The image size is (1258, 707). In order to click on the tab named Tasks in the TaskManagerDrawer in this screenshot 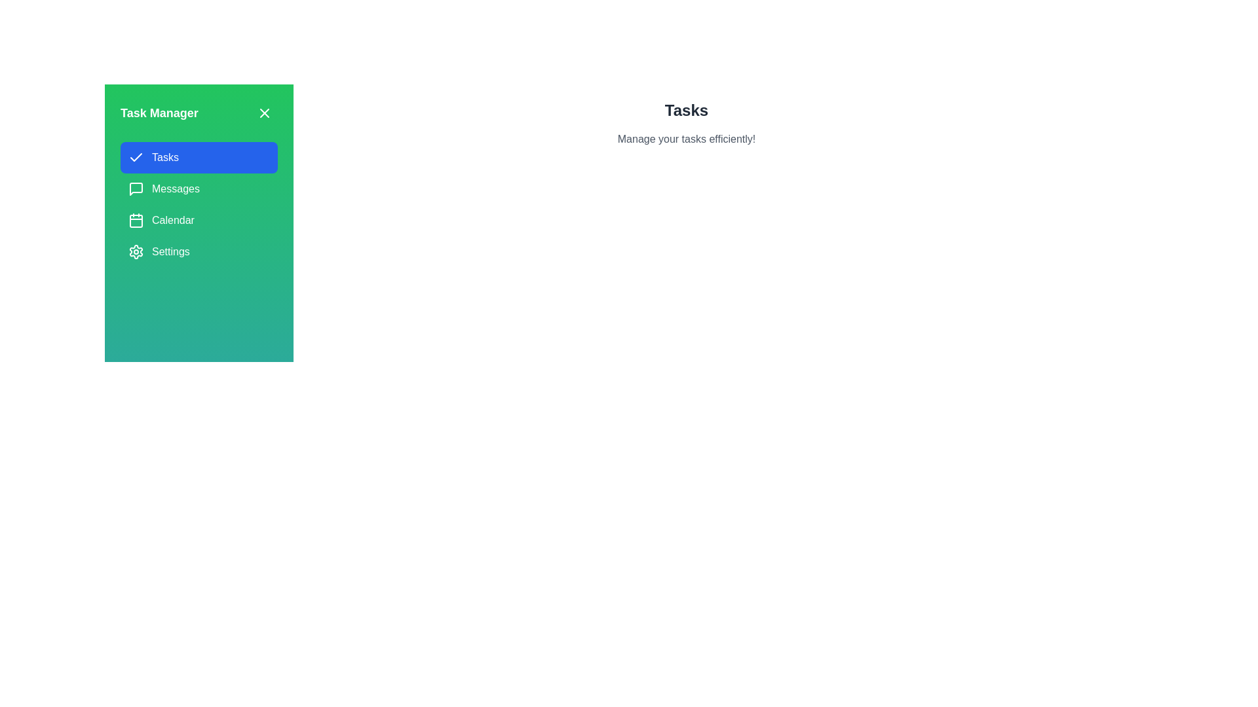, I will do `click(198, 156)`.